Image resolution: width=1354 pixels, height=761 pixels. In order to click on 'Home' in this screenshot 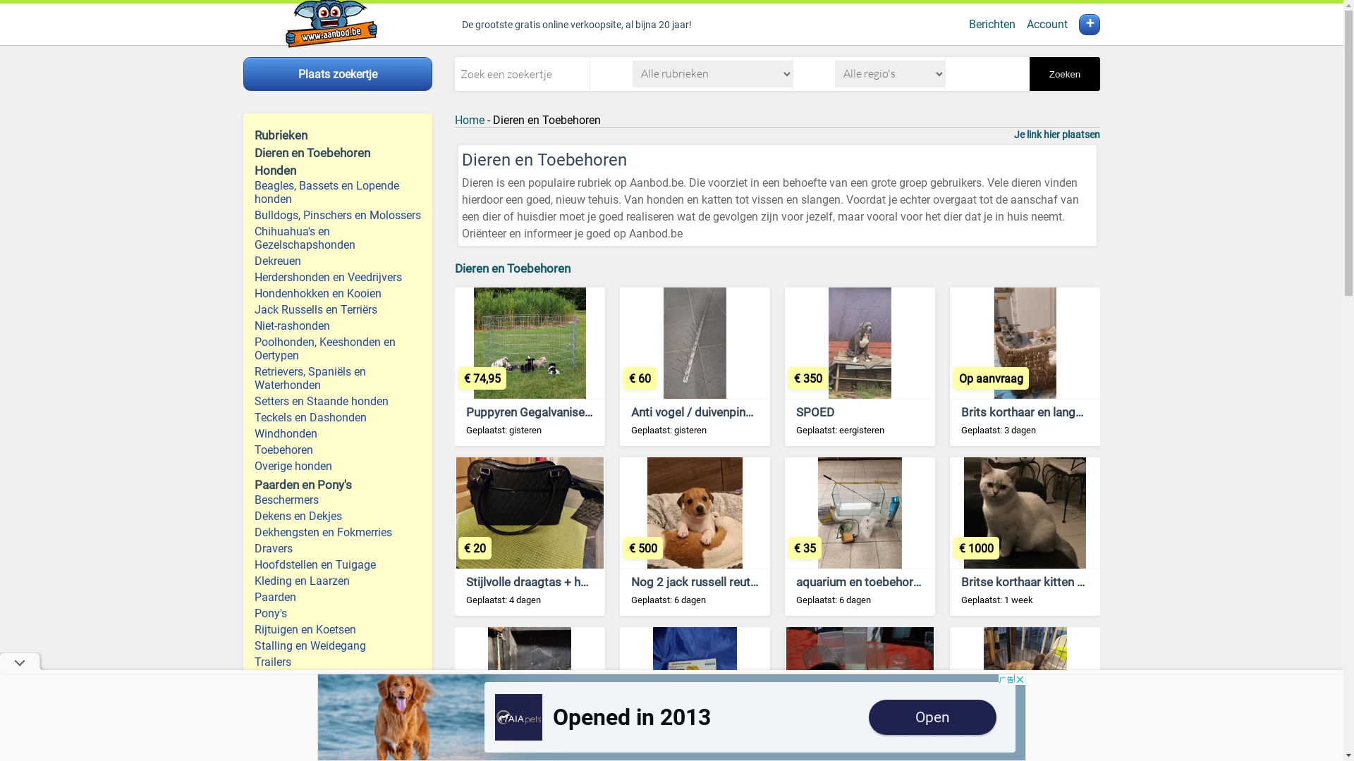, I will do `click(470, 119)`.